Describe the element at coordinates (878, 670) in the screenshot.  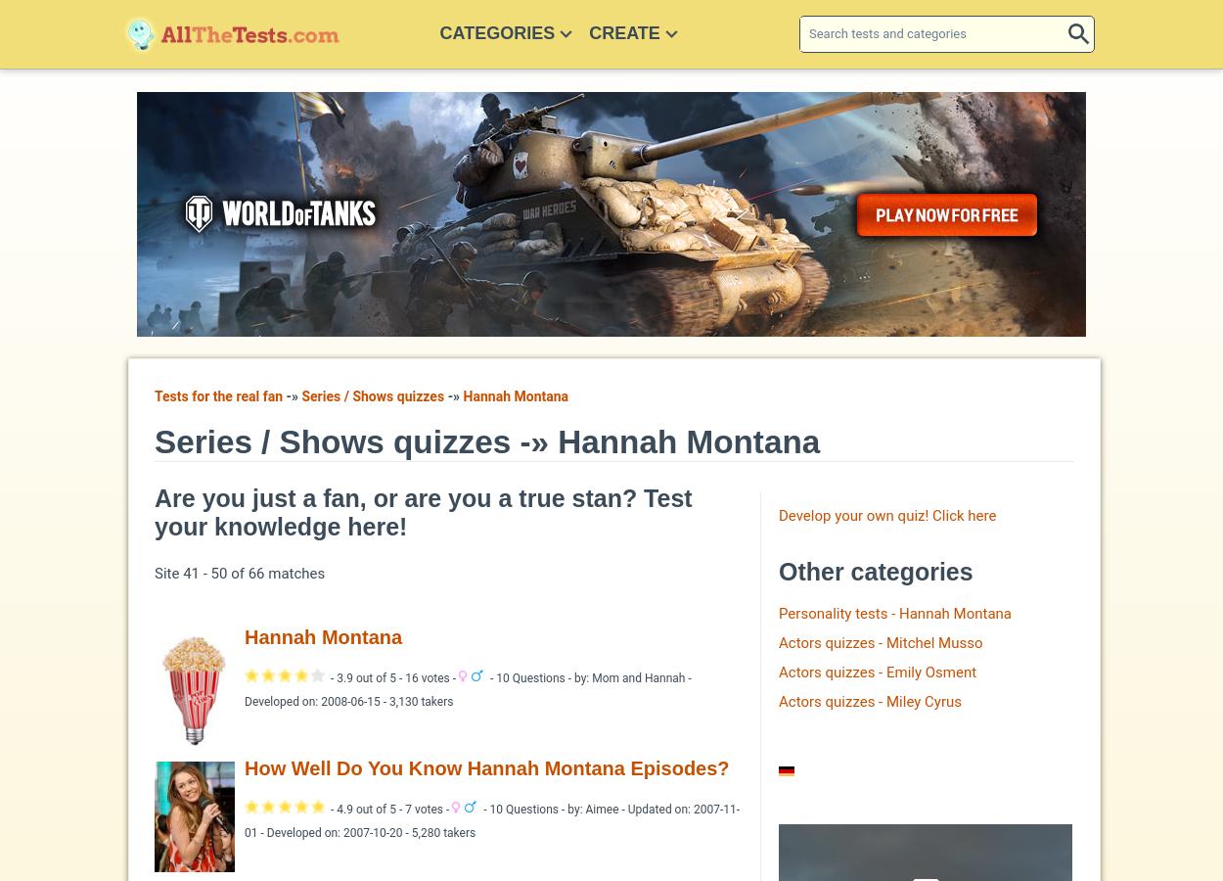
I see `'Actors quizzes - Emily Osment'` at that location.